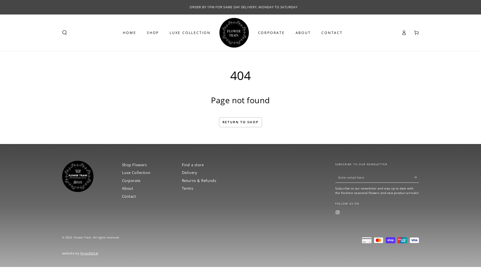 This screenshot has height=270, width=481. What do you see at coordinates (153, 33) in the screenshot?
I see `'SHOP'` at bounding box center [153, 33].